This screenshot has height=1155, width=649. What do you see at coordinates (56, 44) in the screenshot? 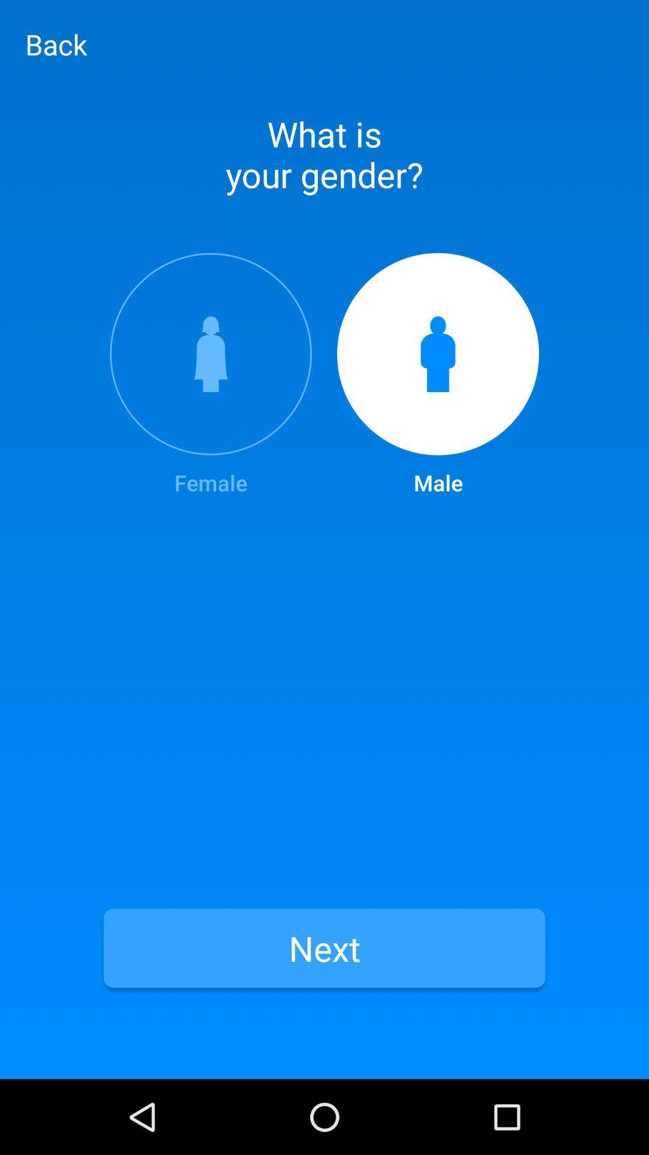
I see `the back item` at bounding box center [56, 44].